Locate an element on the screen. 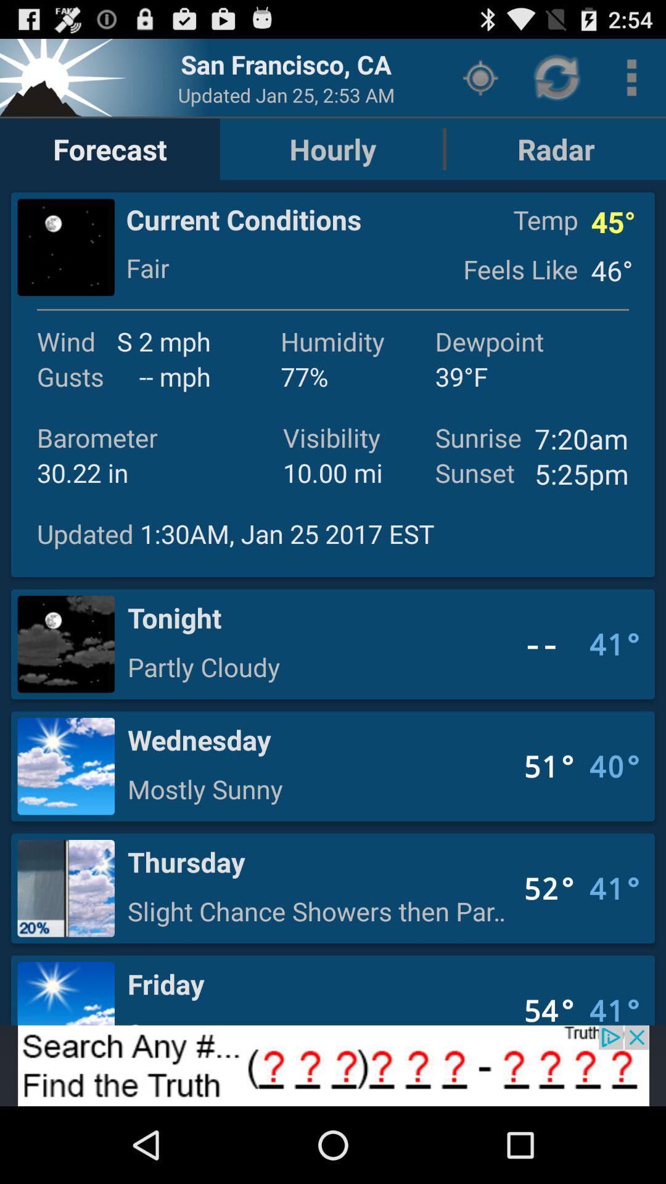 The width and height of the screenshot is (666, 1184). the refresh icon is located at coordinates (558, 82).